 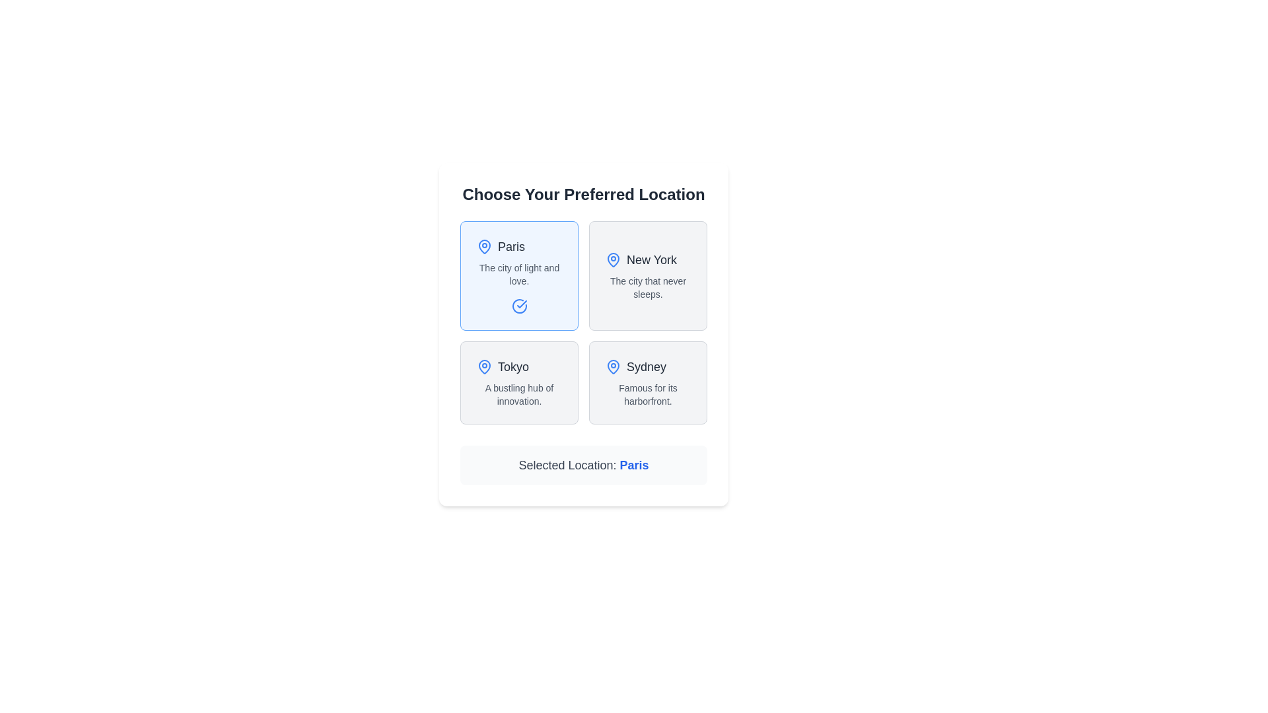 I want to click on the selection indication by interacting with the circular blue icon with a check mark inside, located at the bottom center of the 'Paris' selection card, so click(x=518, y=306).